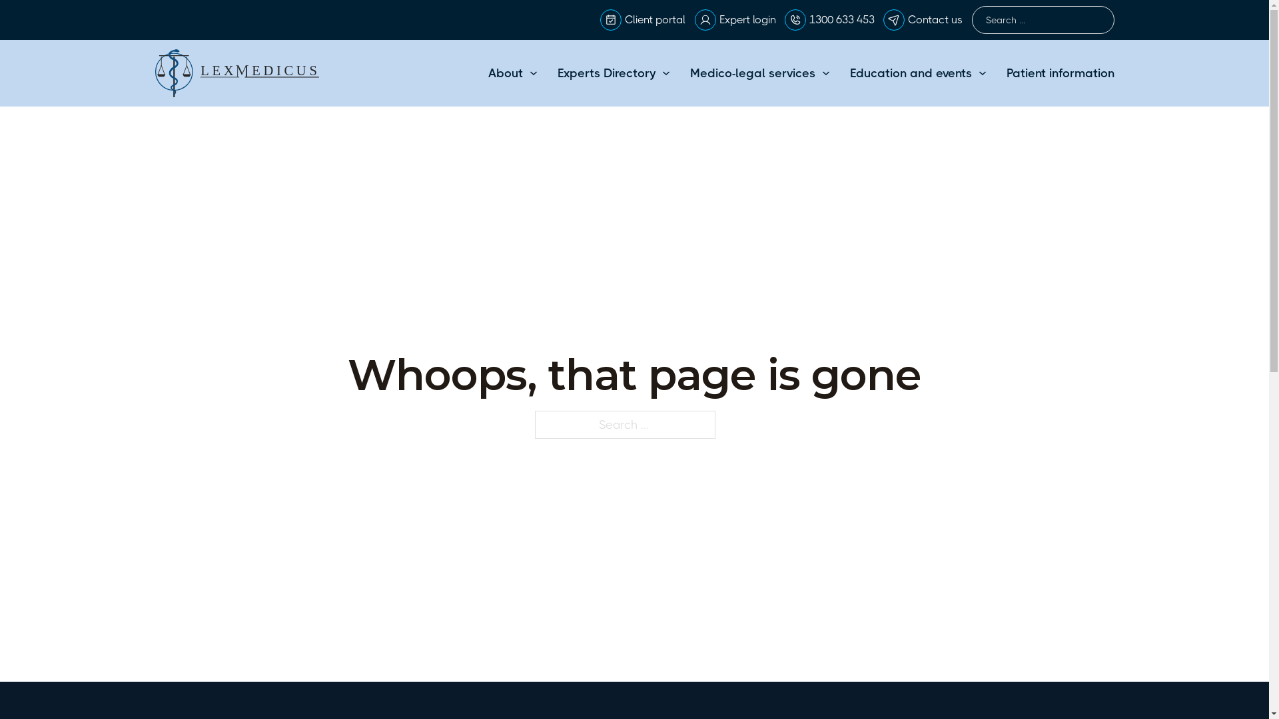 Image resolution: width=1279 pixels, height=719 pixels. Describe the element at coordinates (910, 73) in the screenshot. I see `'Education and events'` at that location.